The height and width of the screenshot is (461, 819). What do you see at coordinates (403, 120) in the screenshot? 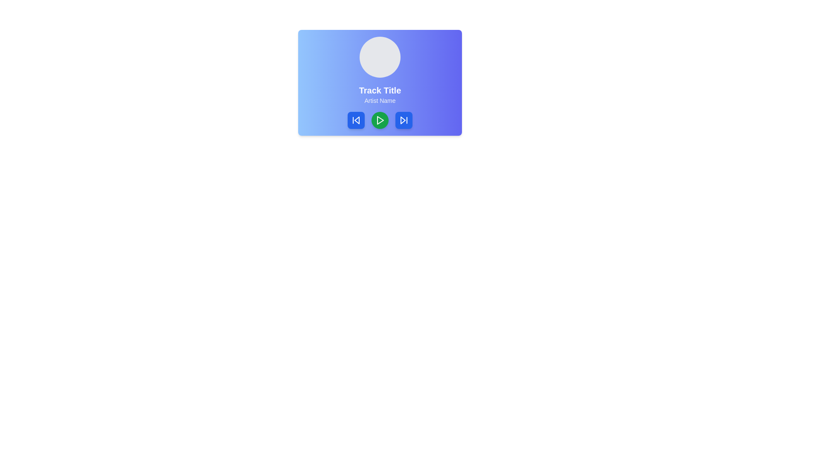
I see `the triangular arrow icon button in the music player interface` at bounding box center [403, 120].